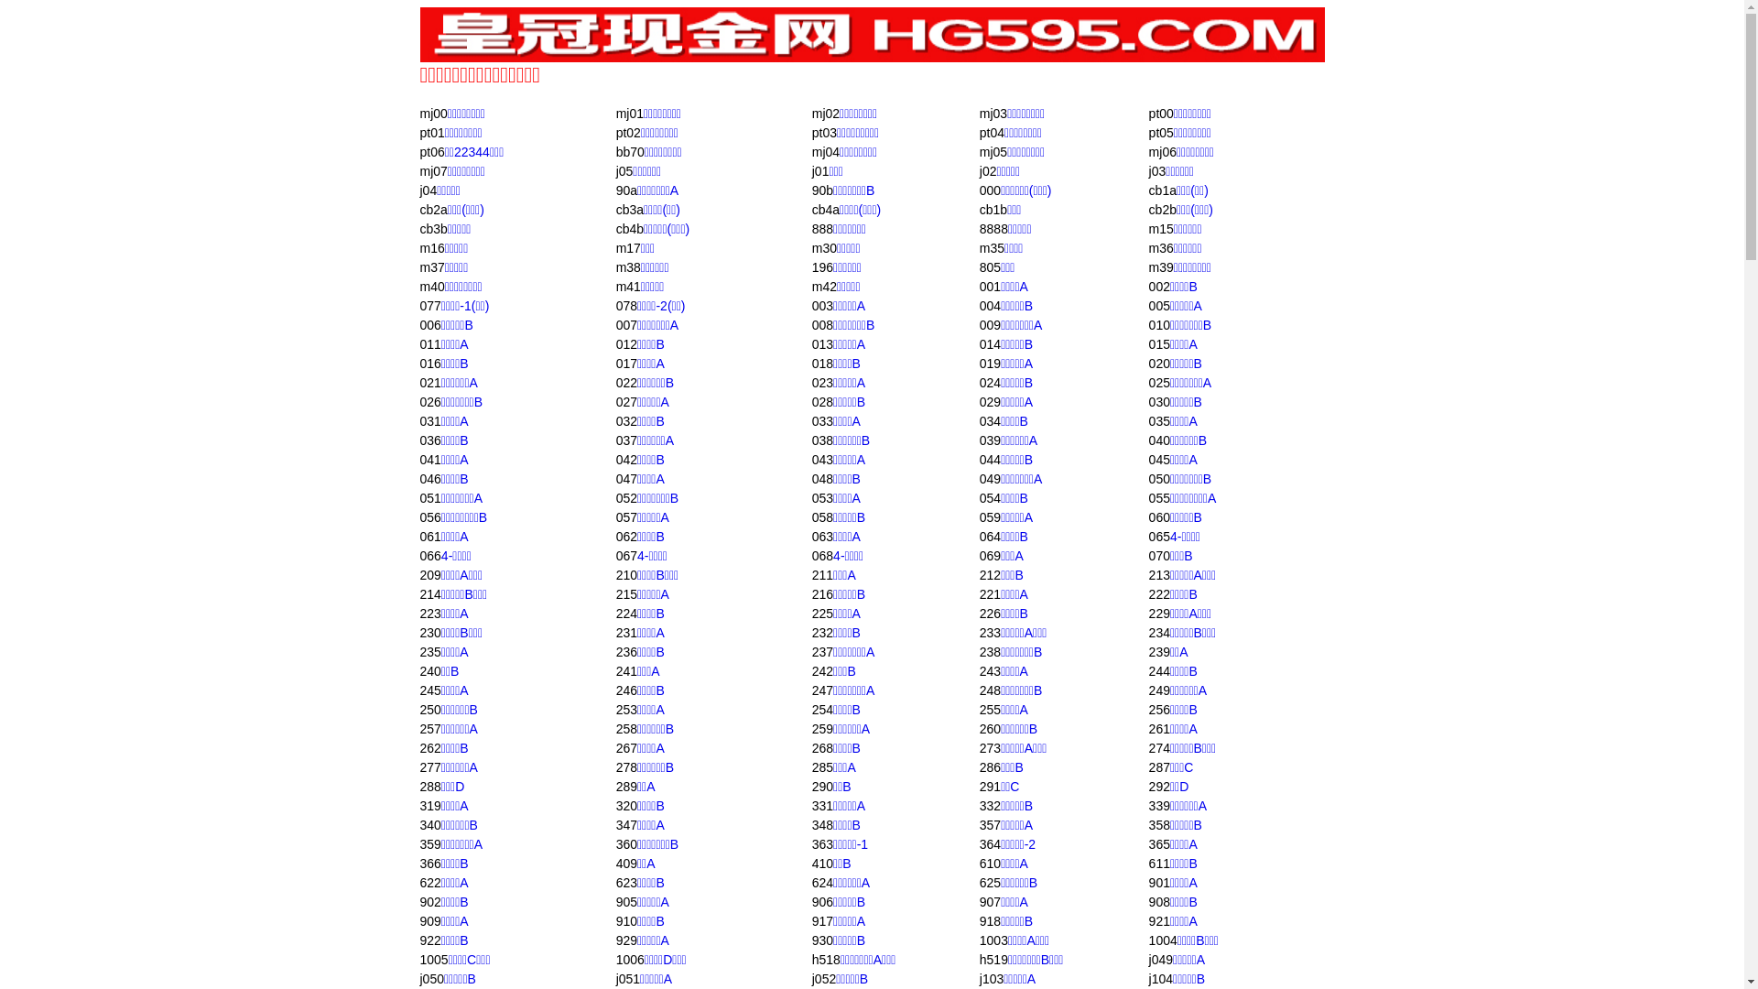  Describe the element at coordinates (626, 748) in the screenshot. I see `'267'` at that location.